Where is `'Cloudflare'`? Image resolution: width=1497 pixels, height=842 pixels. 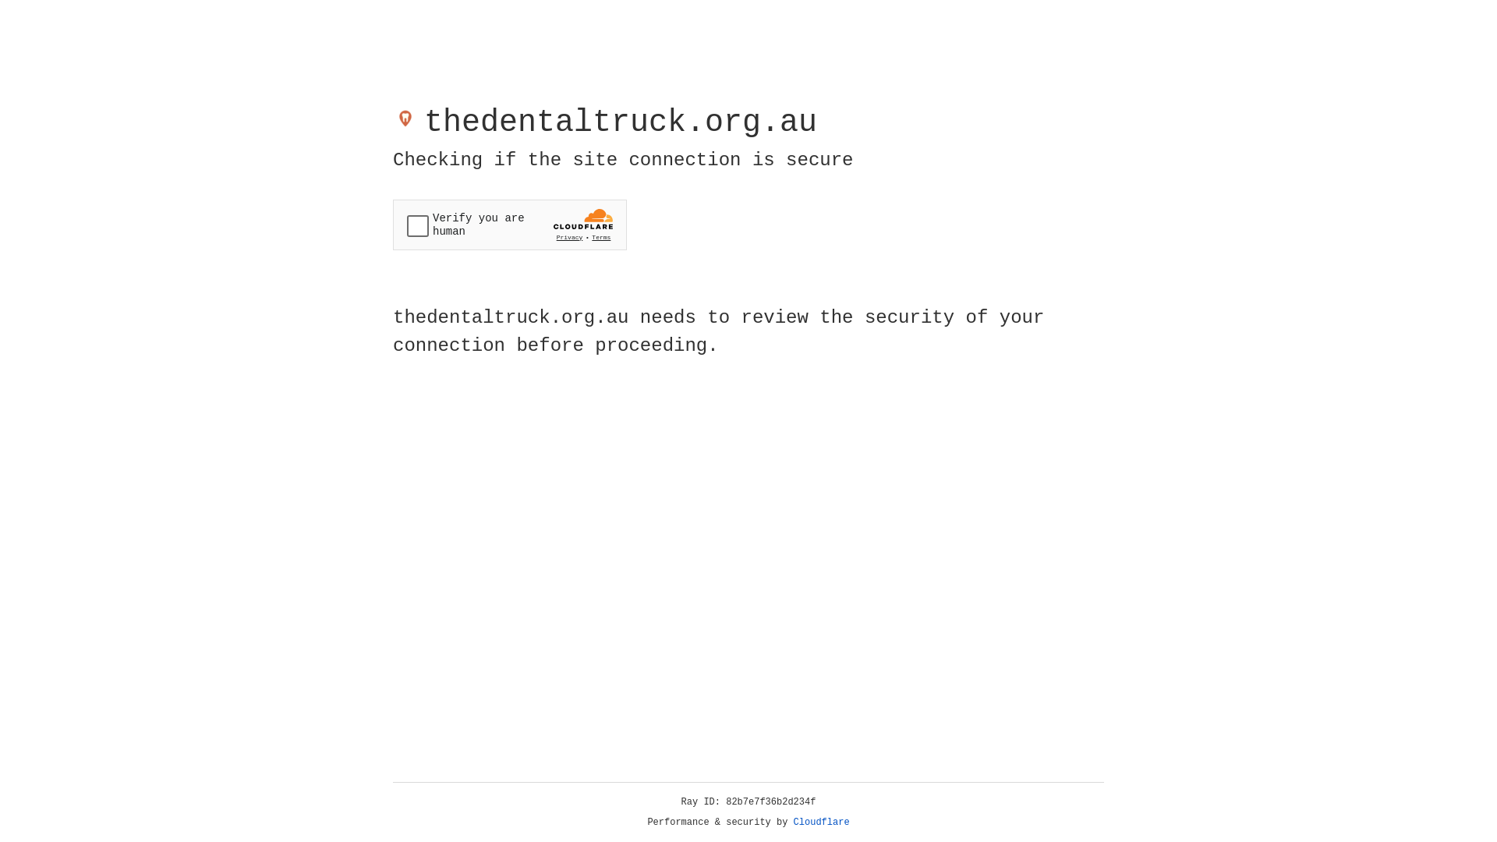
'Cloudflare' is located at coordinates (793, 822).